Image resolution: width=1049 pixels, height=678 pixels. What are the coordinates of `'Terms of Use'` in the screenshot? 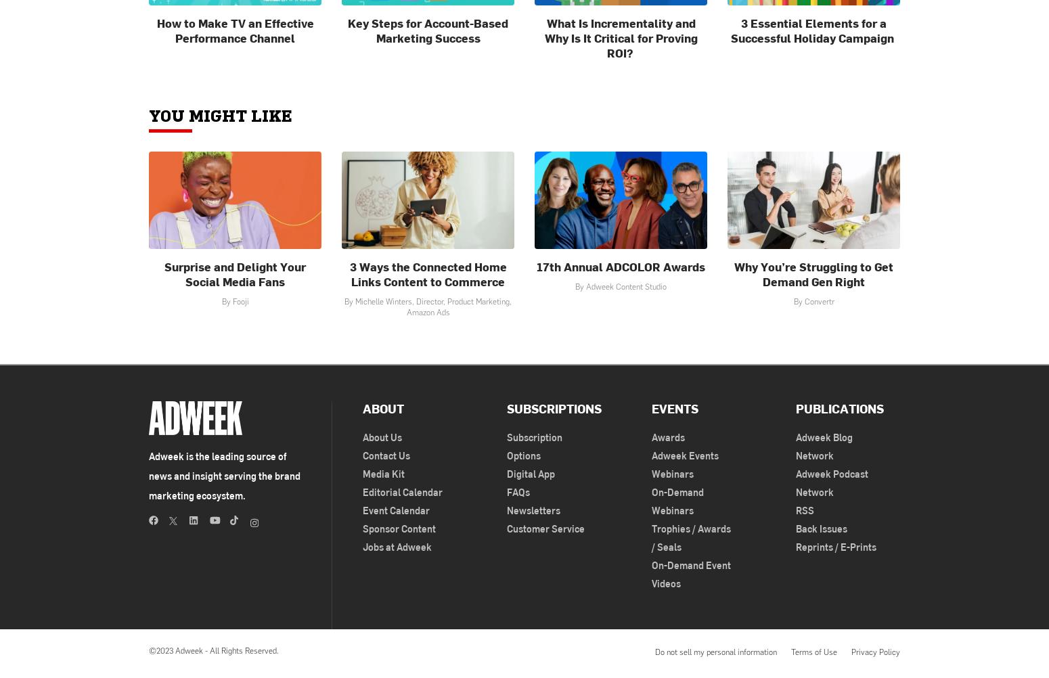 It's located at (791, 651).